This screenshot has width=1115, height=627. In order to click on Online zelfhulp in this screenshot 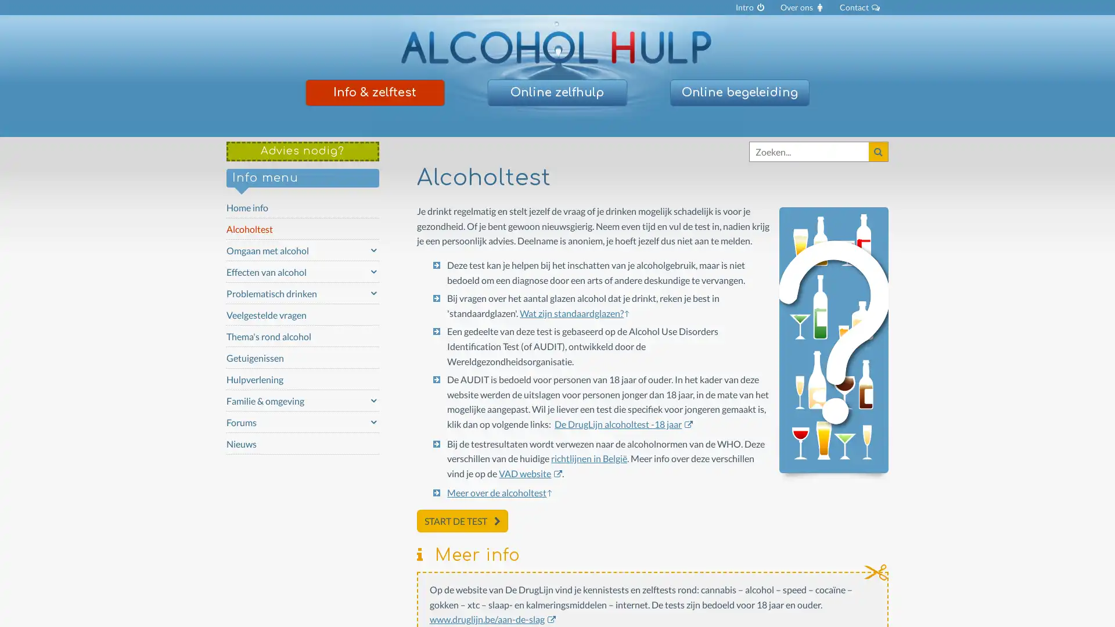, I will do `click(556, 92)`.